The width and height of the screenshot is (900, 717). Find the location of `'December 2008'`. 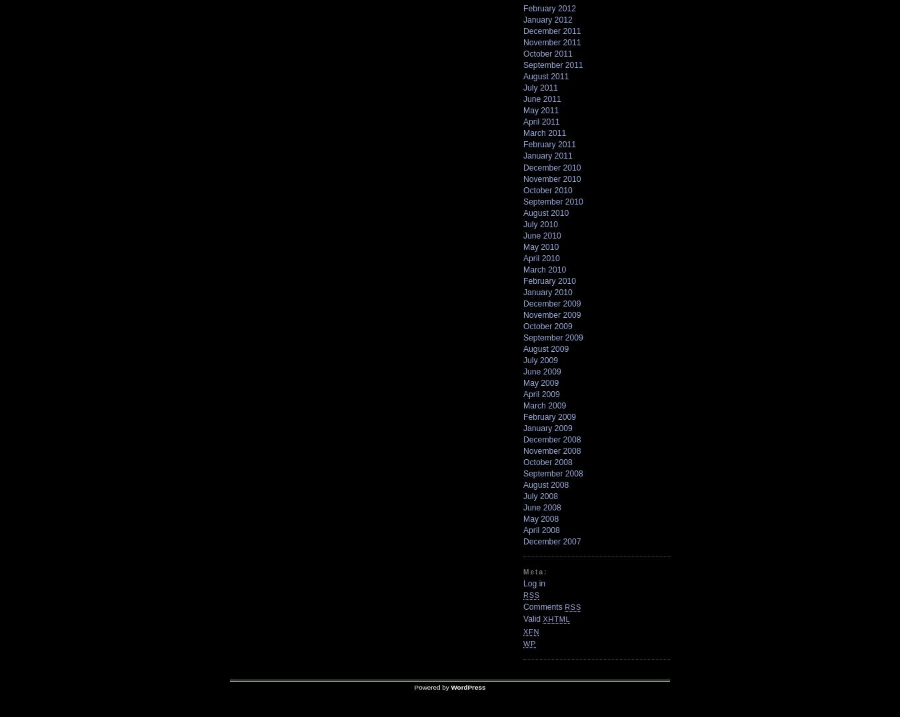

'December 2008' is located at coordinates (551, 438).